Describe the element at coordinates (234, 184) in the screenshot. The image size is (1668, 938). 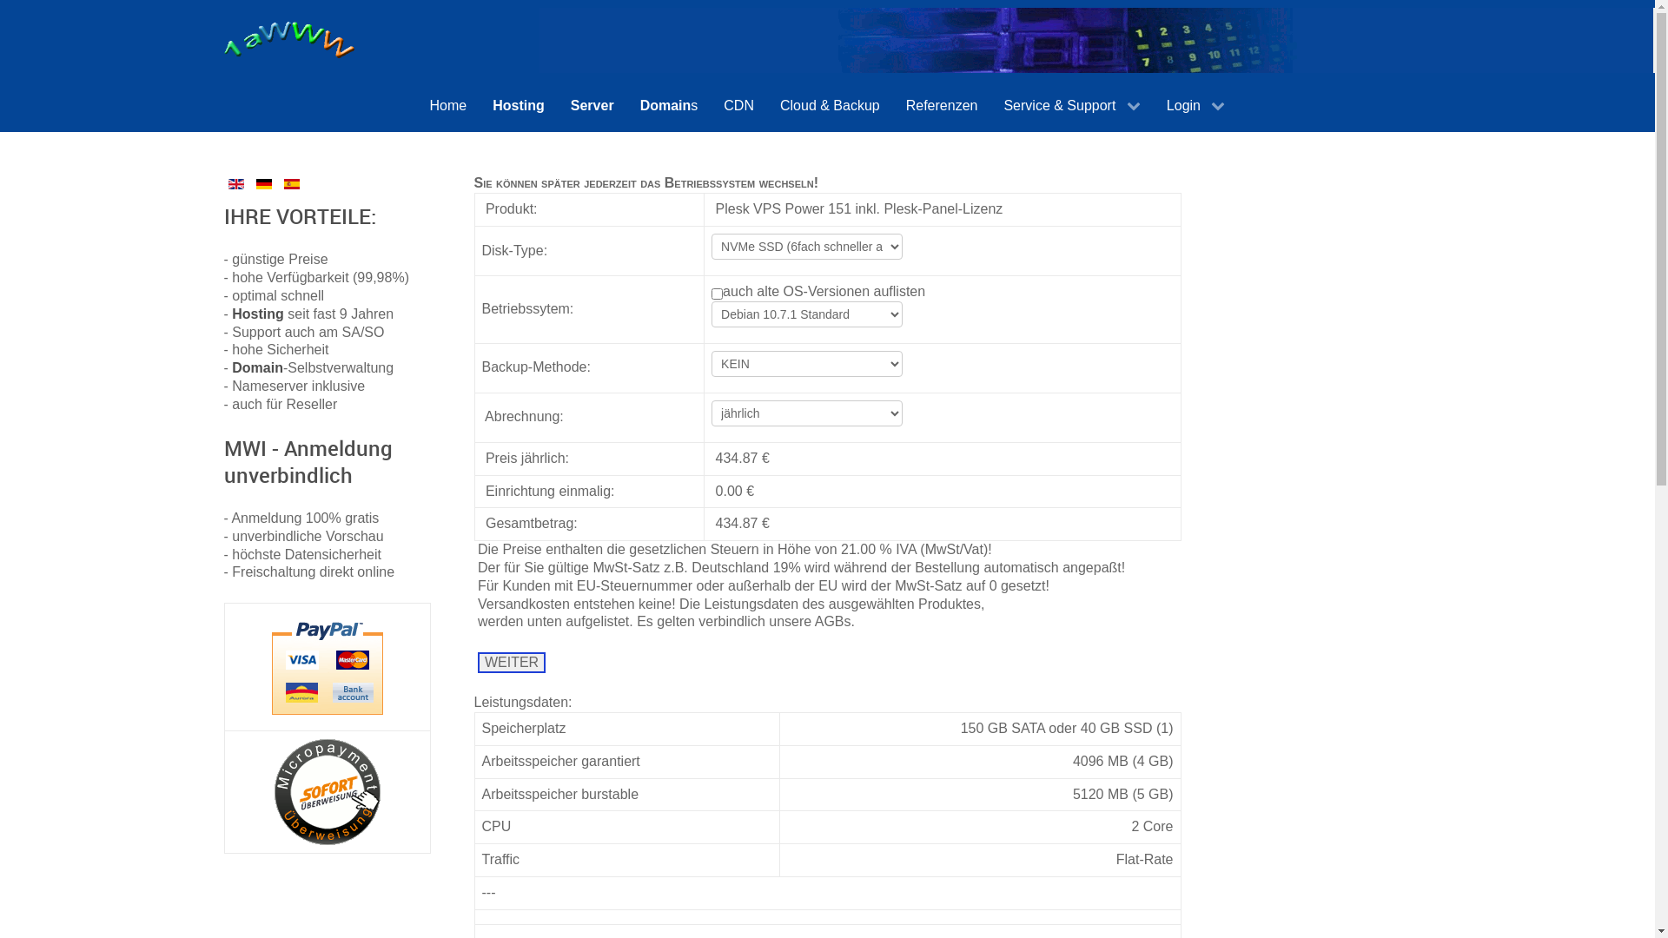
I see `'English (UK)'` at that location.